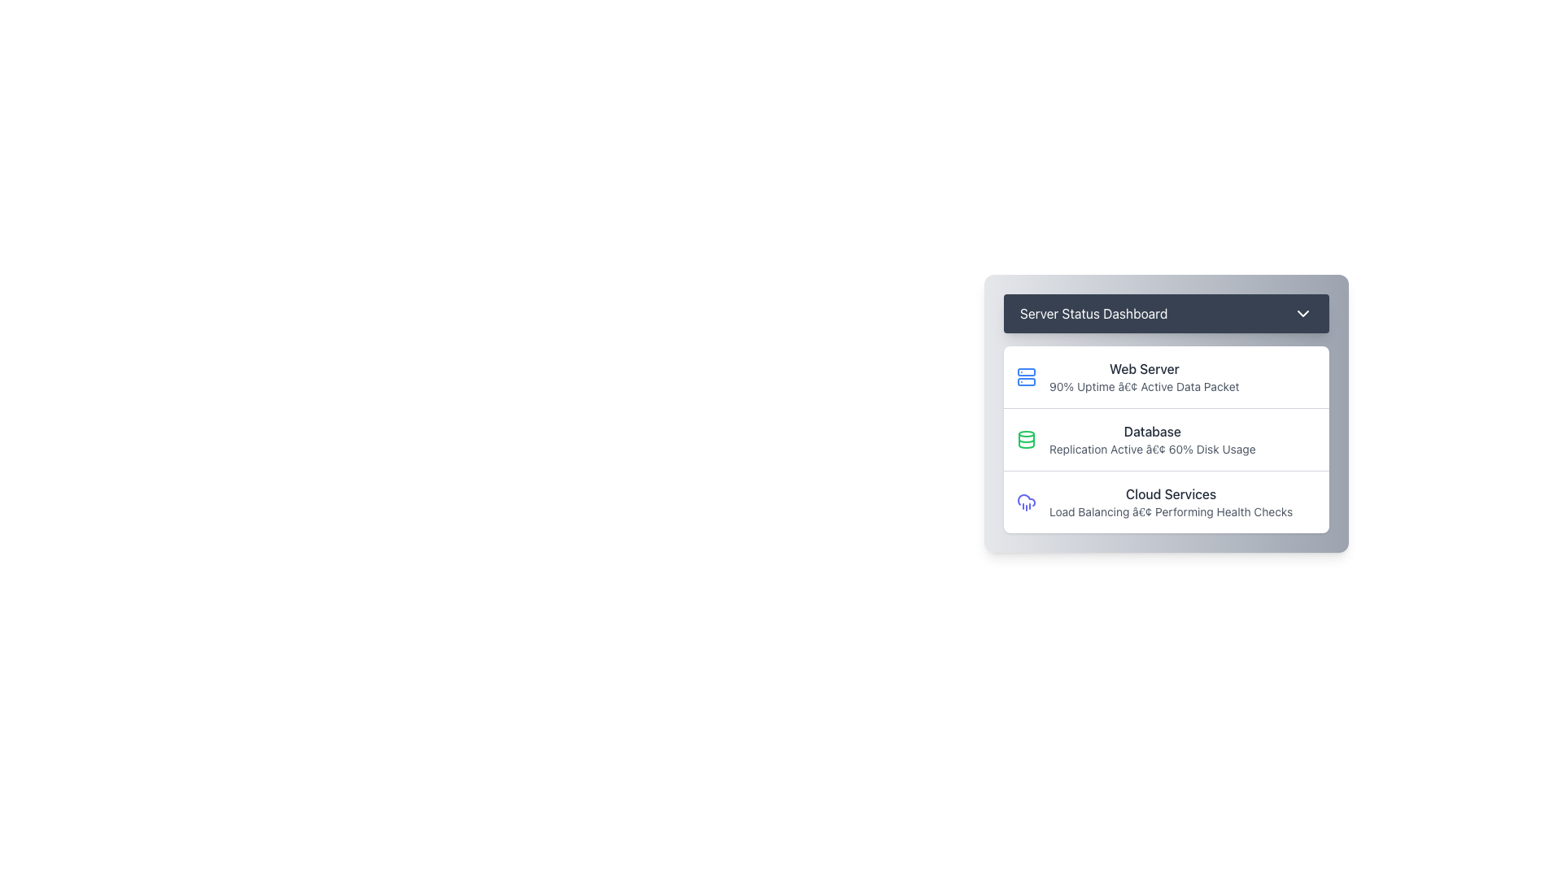 Image resolution: width=1562 pixels, height=878 pixels. I want to click on the second textual line under the 'Database' section that informs the user about the current replication status and disk usage of the database system, so click(1151, 449).